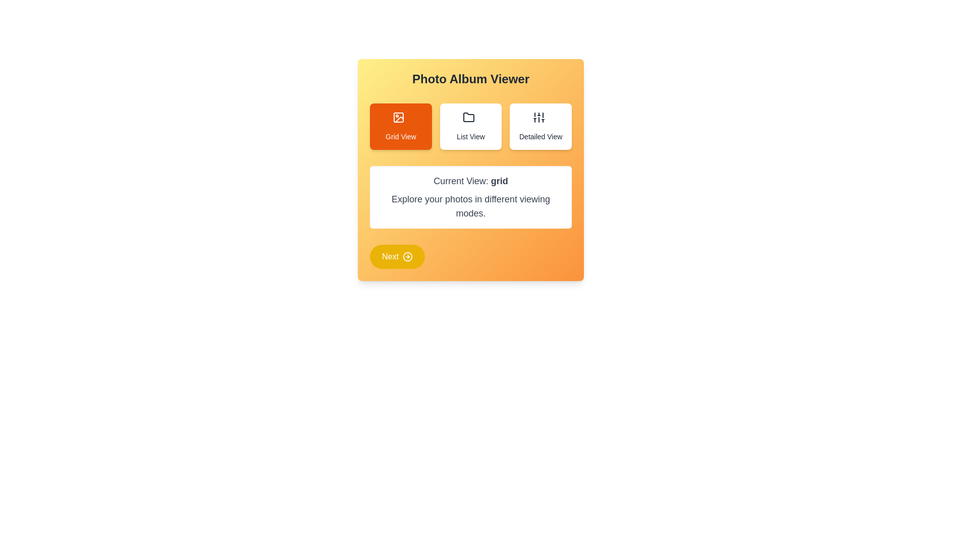  What do you see at coordinates (470, 126) in the screenshot?
I see `the 'List View' button, which is a rectangular button with a white background, an icon resembling a folder at the top, and the text 'List View' in dark, sans-serif font` at bounding box center [470, 126].